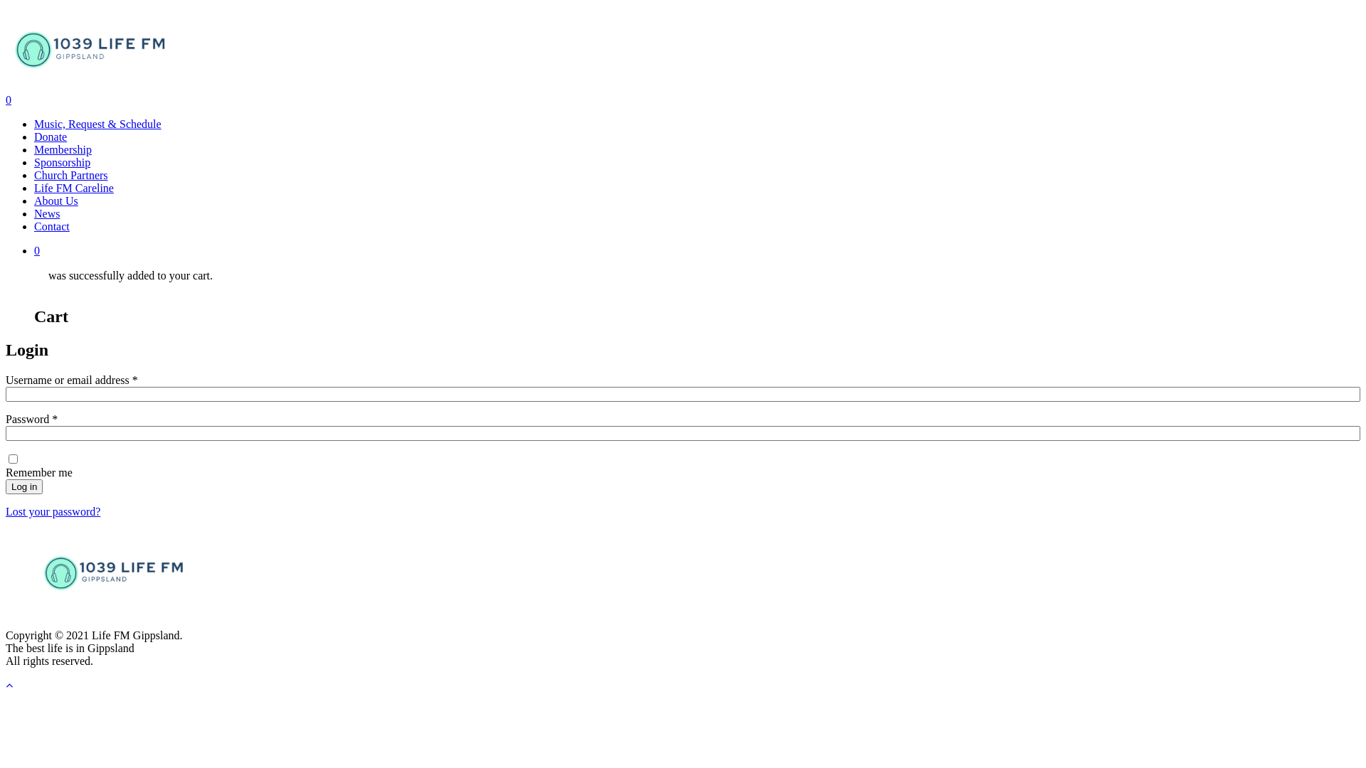  I want to click on 'About Us', so click(55, 201).